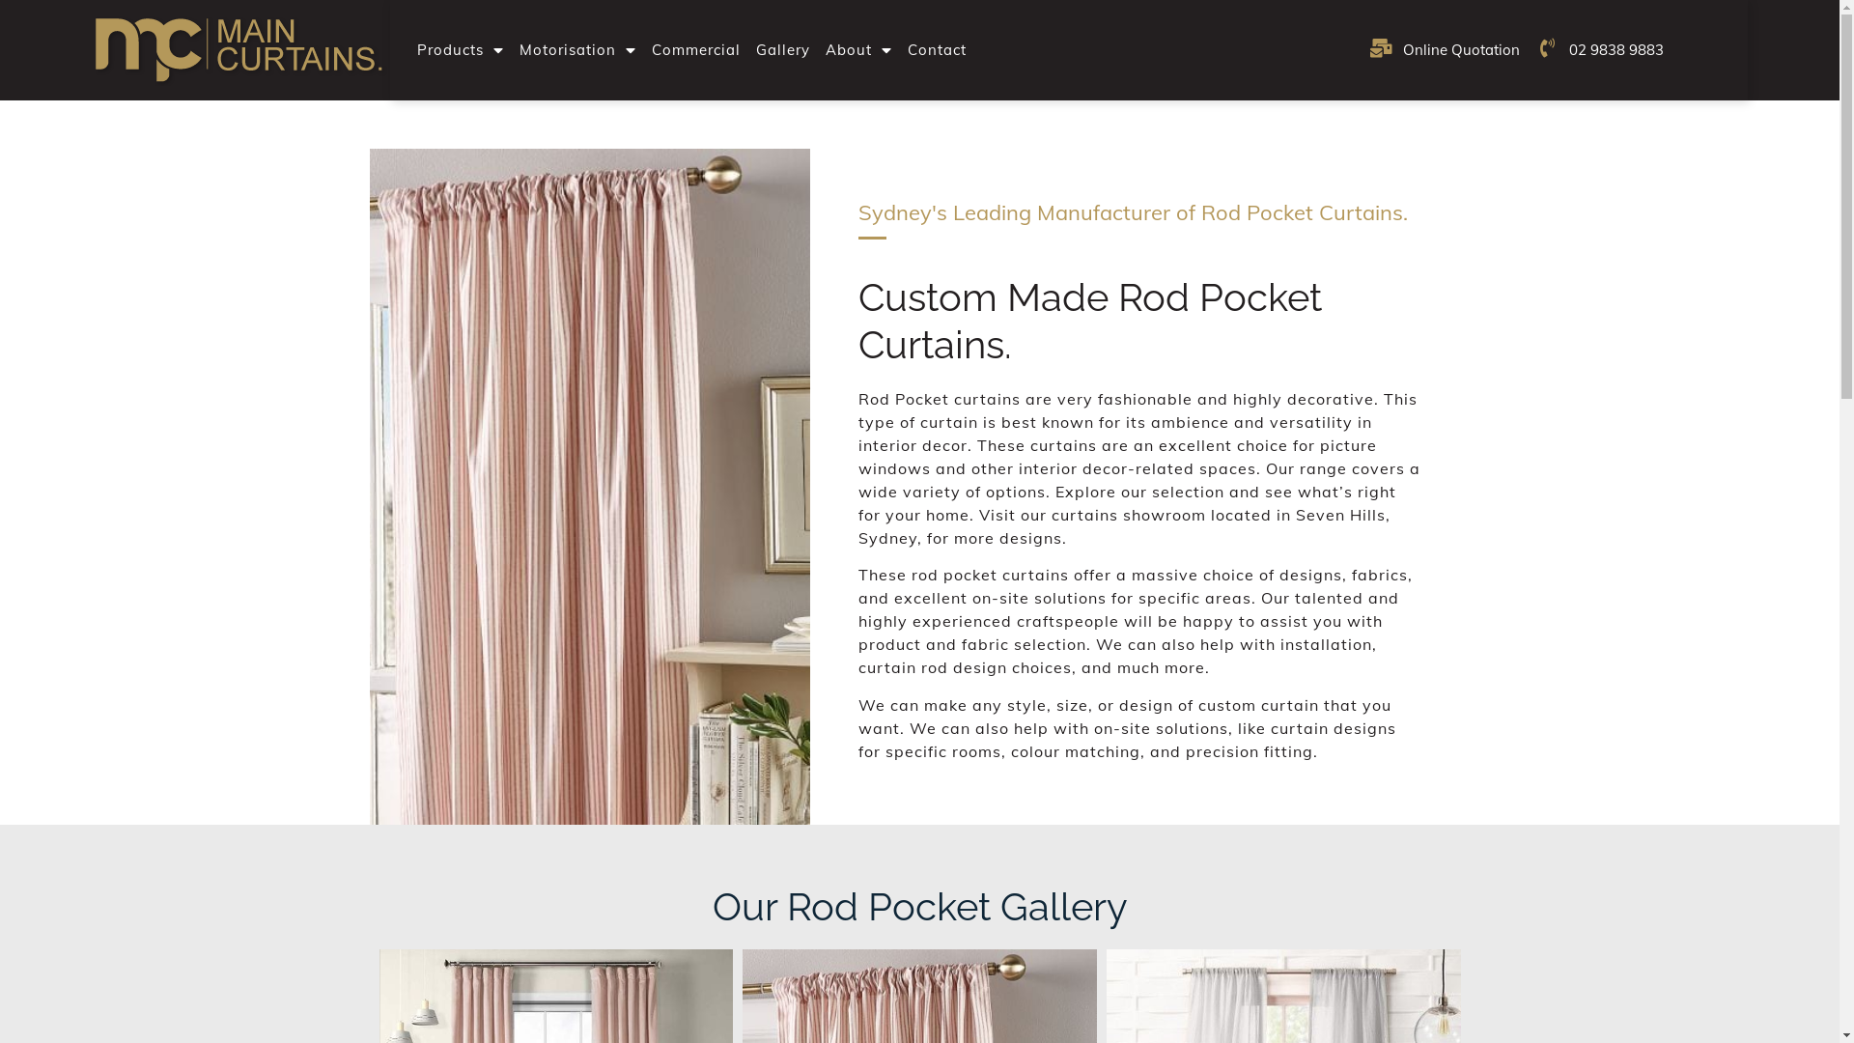  Describe the element at coordinates (1367, 48) in the screenshot. I see `'Online Quotation'` at that location.